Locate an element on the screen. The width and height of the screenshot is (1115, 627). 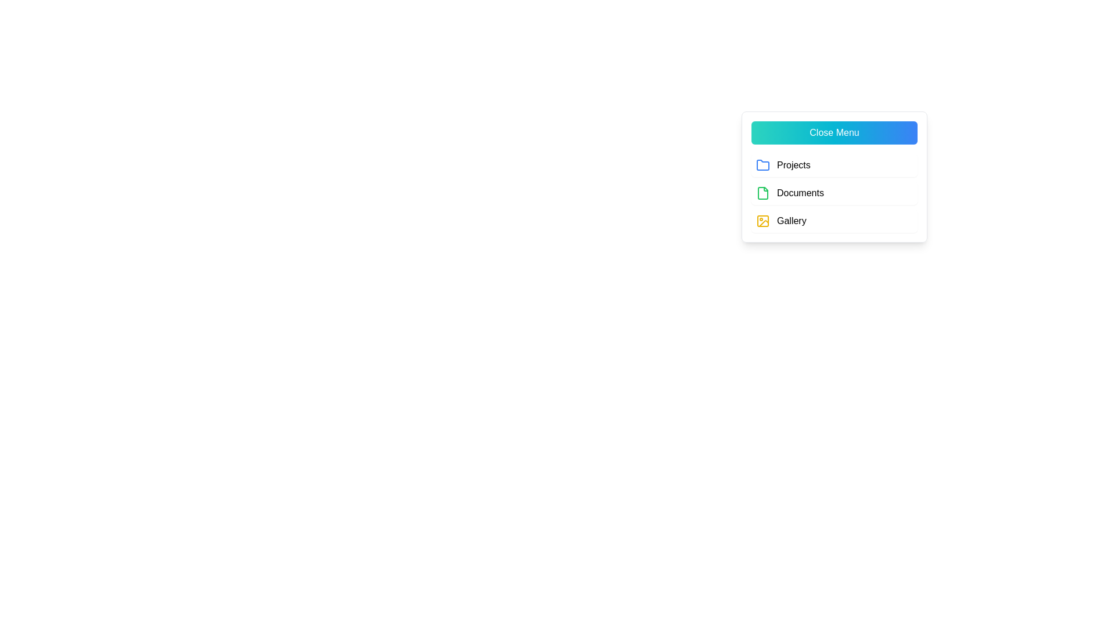
the 'Documents' menu item is located at coordinates (833, 192).